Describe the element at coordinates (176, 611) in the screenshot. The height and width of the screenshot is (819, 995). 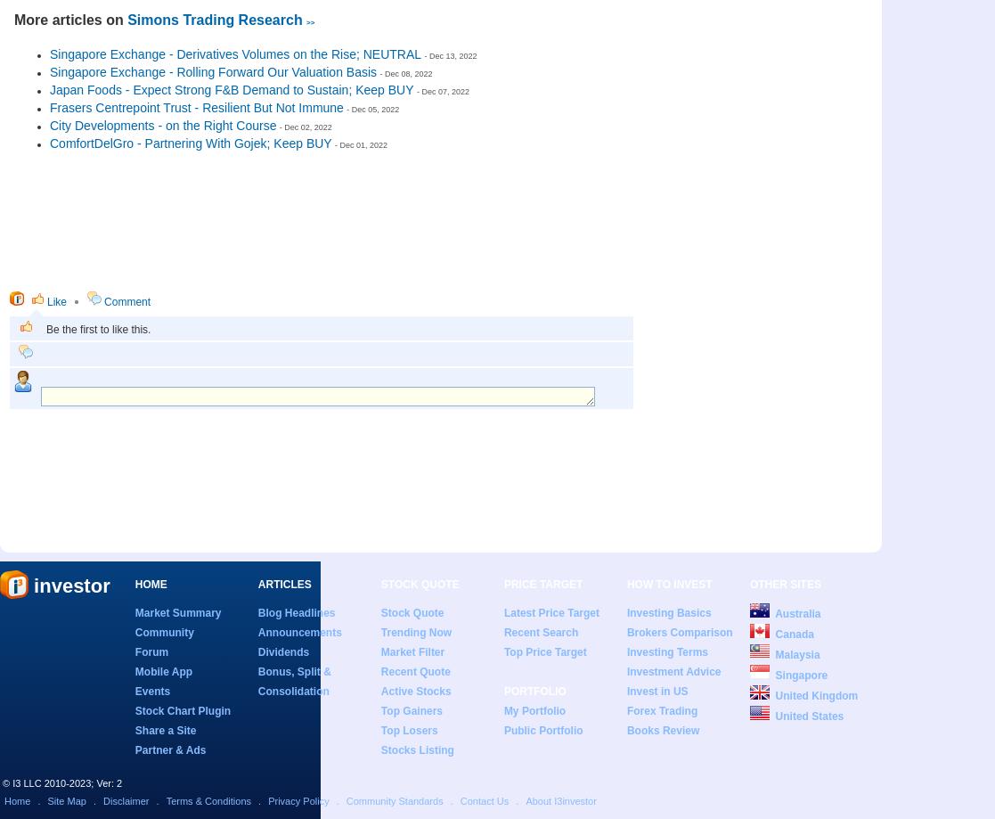
I see `'Market Summary'` at that location.